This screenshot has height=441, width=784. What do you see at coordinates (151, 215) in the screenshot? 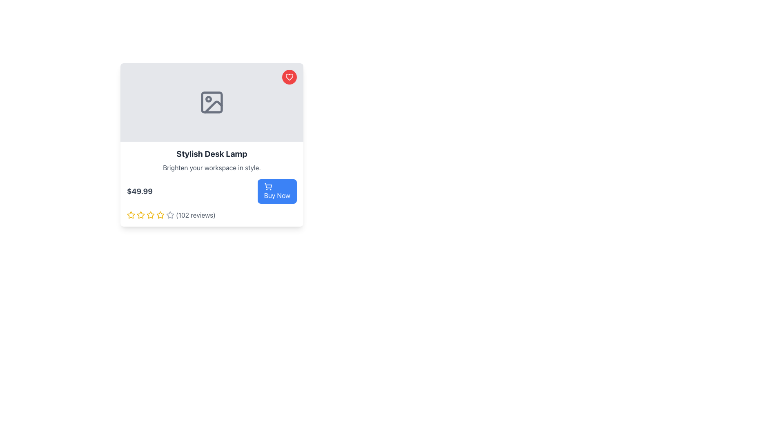
I see `the fourth star-shaped yellow icon in the rating system located below the price tag and to the left of the review count text` at bounding box center [151, 215].